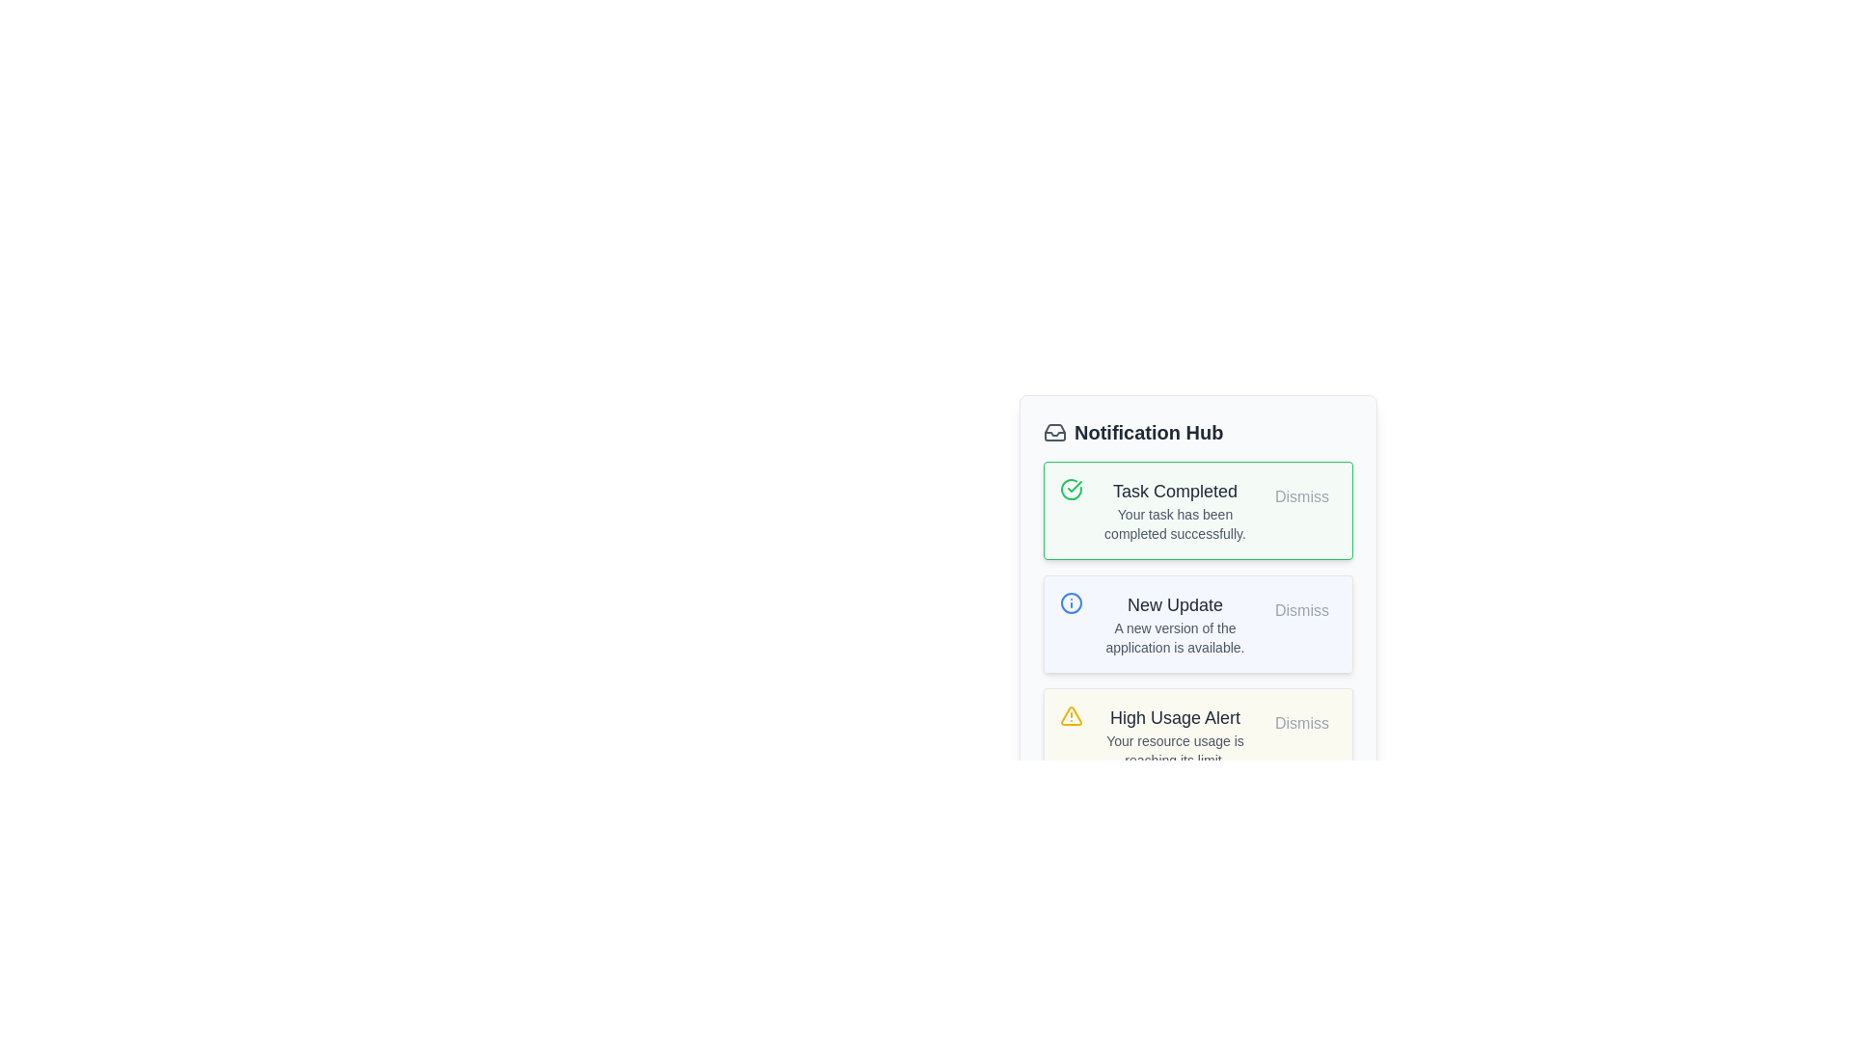 This screenshot has height=1041, width=1852. What do you see at coordinates (1174, 509) in the screenshot?
I see `the Notification message in the first notification slot under the 'Notification Hub' header, which indicates successful task completion` at bounding box center [1174, 509].